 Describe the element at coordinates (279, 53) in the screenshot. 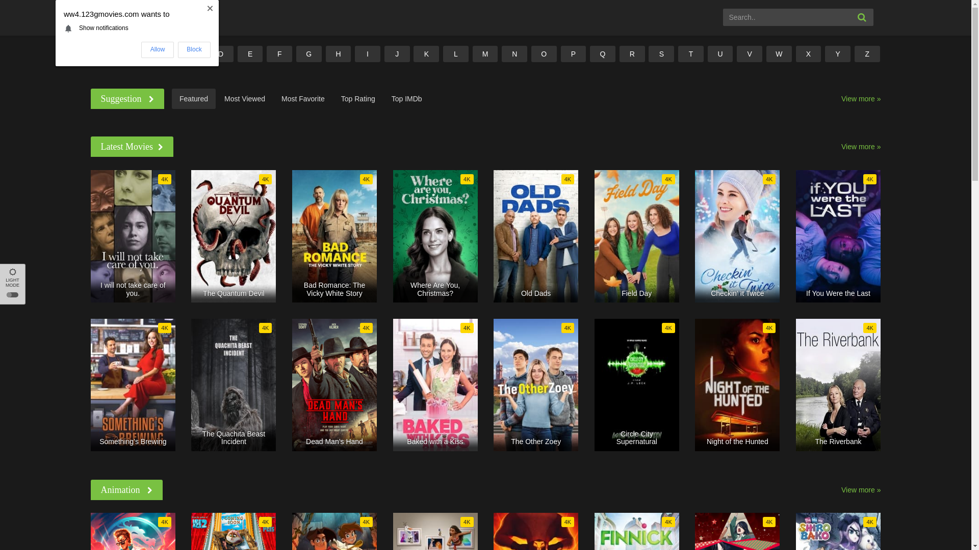

I see `'F'` at that location.